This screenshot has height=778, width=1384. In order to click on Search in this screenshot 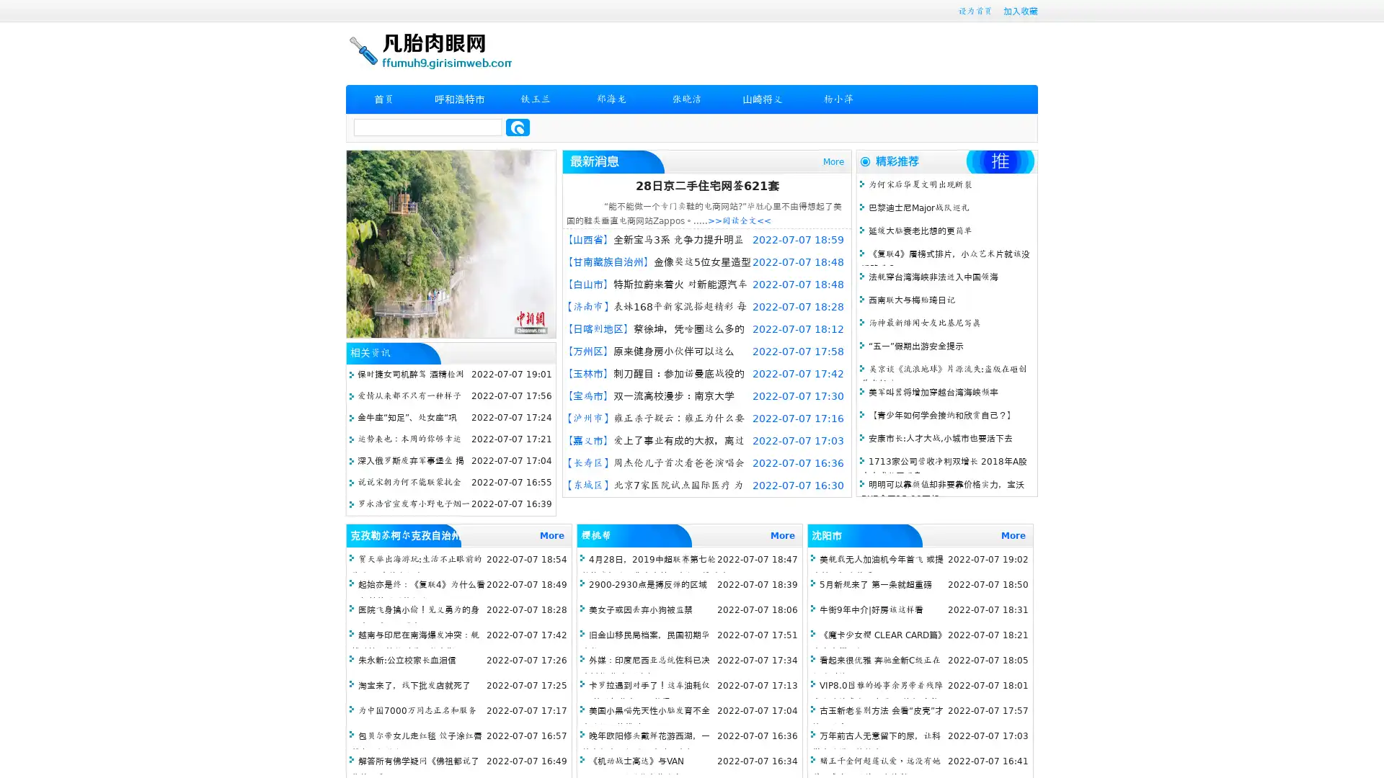, I will do `click(518, 127)`.